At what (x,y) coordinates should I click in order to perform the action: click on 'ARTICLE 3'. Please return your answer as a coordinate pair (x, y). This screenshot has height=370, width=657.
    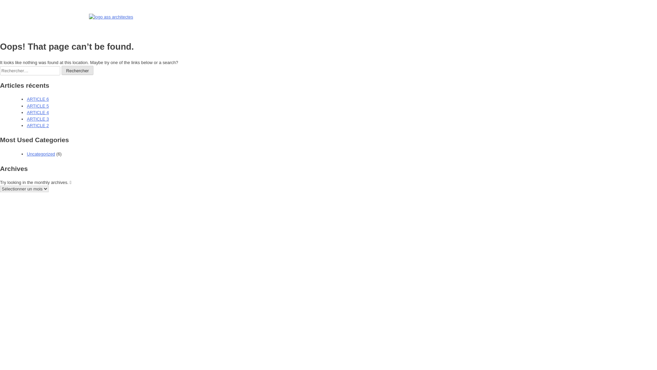
    Looking at the image, I should click on (37, 119).